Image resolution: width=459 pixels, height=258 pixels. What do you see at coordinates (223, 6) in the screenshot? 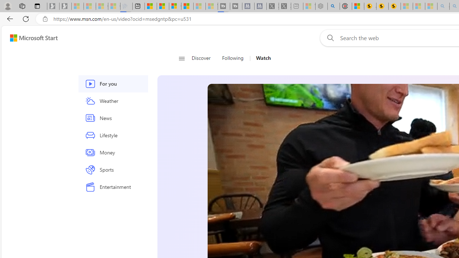
I see `'Streaming Coverage | T3 - Sleeping'` at bounding box center [223, 6].